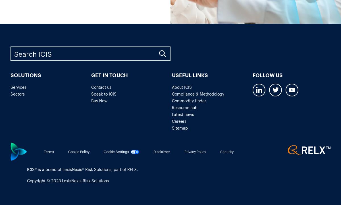 Image resolution: width=341 pixels, height=205 pixels. Describe the element at coordinates (185, 107) in the screenshot. I see `'Resource hub'` at that location.